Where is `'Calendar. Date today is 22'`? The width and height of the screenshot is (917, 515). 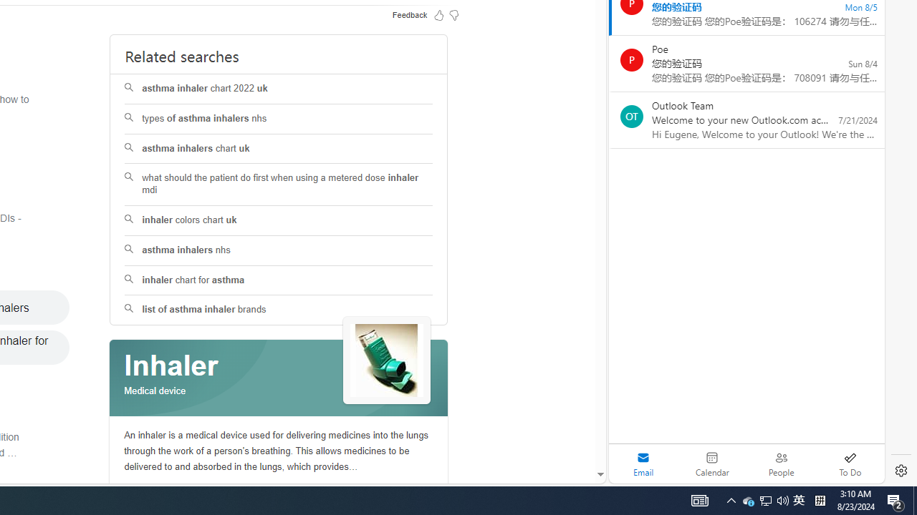 'Calendar. Date today is 22' is located at coordinates (712, 463).